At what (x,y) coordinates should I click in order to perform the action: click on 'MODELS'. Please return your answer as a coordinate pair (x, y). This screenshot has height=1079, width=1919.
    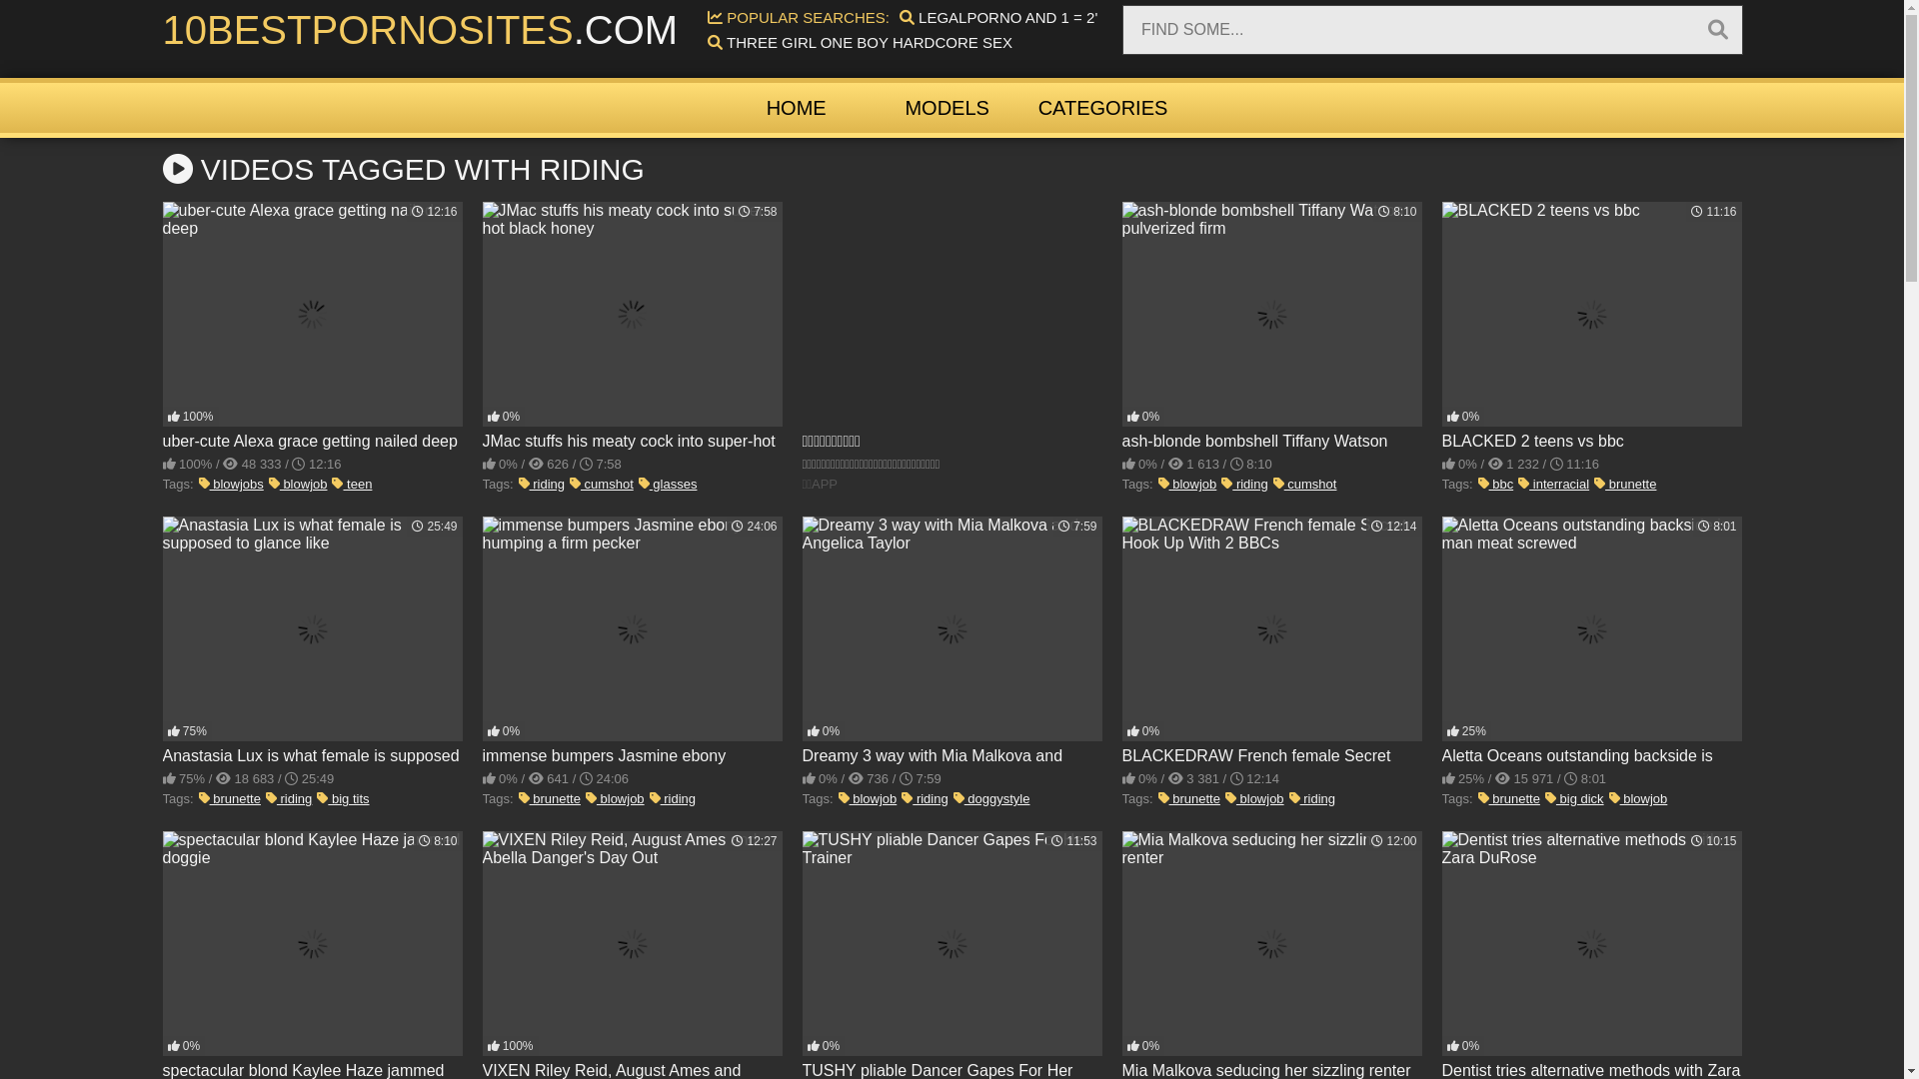
    Looking at the image, I should click on (947, 108).